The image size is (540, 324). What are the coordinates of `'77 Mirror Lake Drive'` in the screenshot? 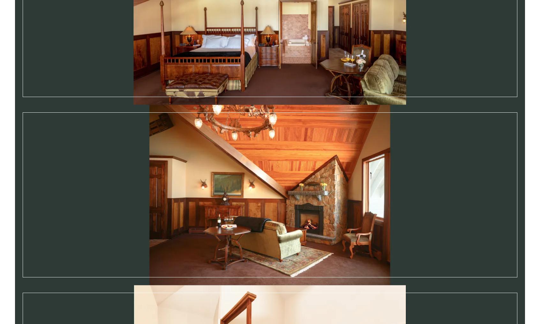 It's located at (75, 297).